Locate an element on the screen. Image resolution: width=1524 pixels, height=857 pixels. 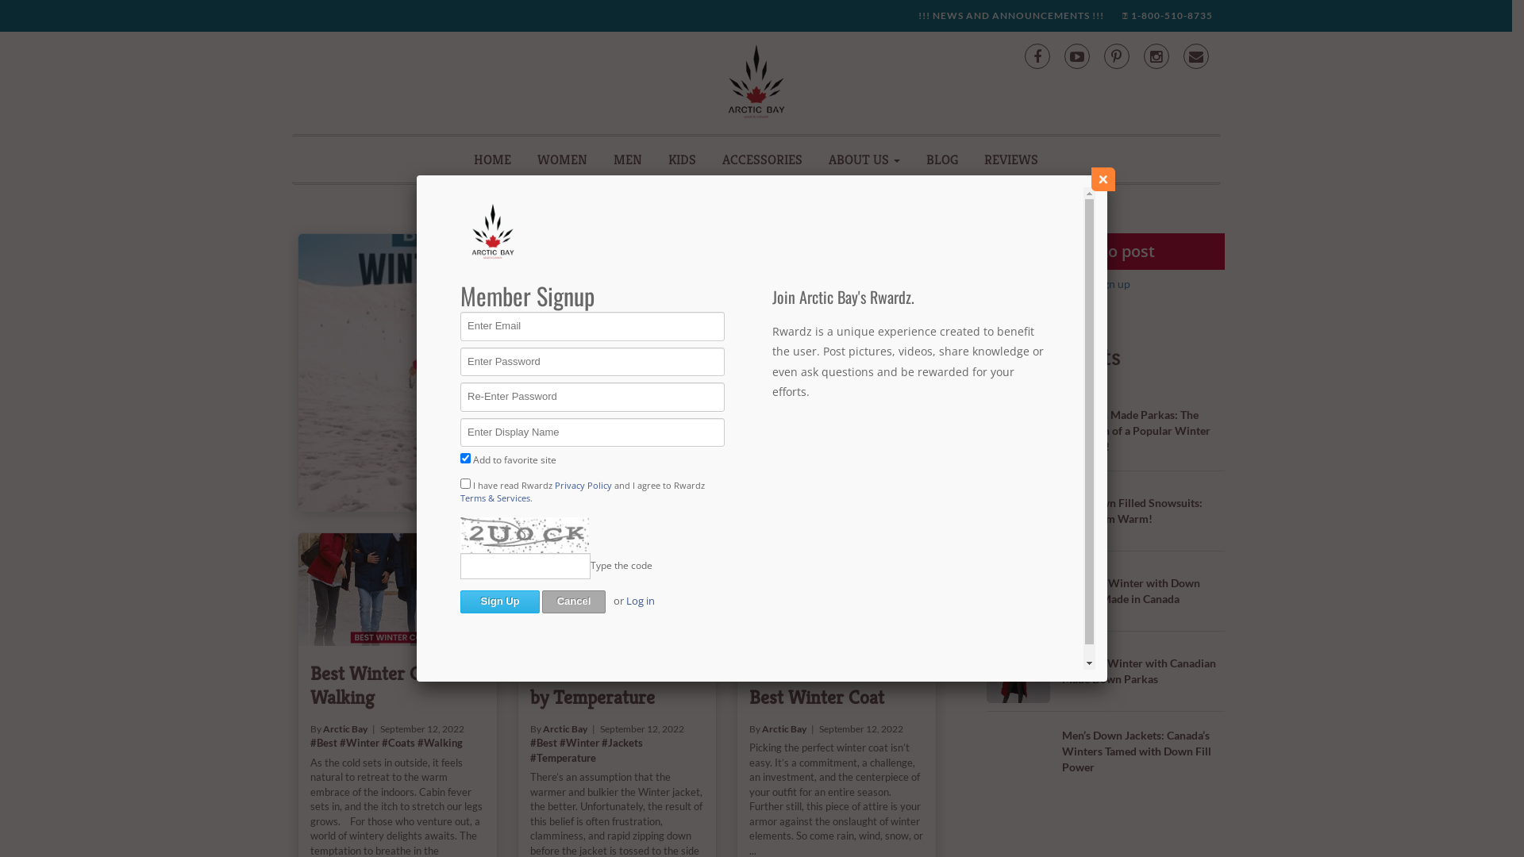
'ABOUT US' is located at coordinates (864, 159).